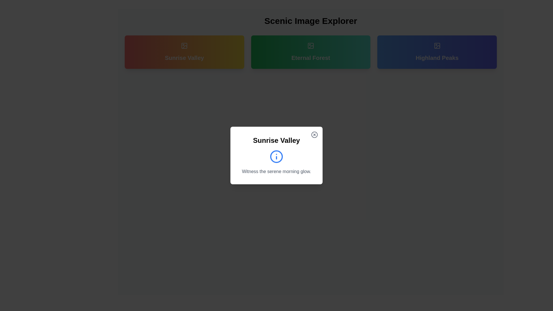  Describe the element at coordinates (437, 45) in the screenshot. I see `the icon resembling an image illustration, which is a white square with a circle inside it, located at the center-top of the card labeled 'Highland Peaks'` at that location.